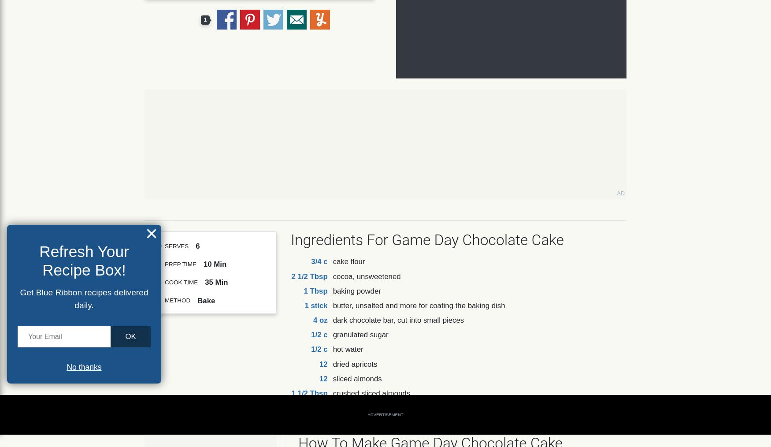 Image resolution: width=771 pixels, height=447 pixels. I want to click on 'sliced almonds', so click(356, 378).